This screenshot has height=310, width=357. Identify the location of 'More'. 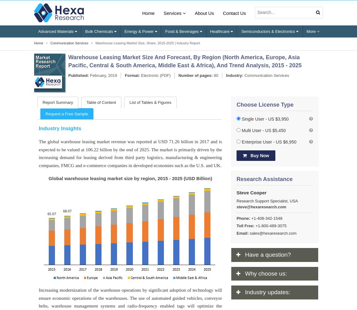
(311, 31).